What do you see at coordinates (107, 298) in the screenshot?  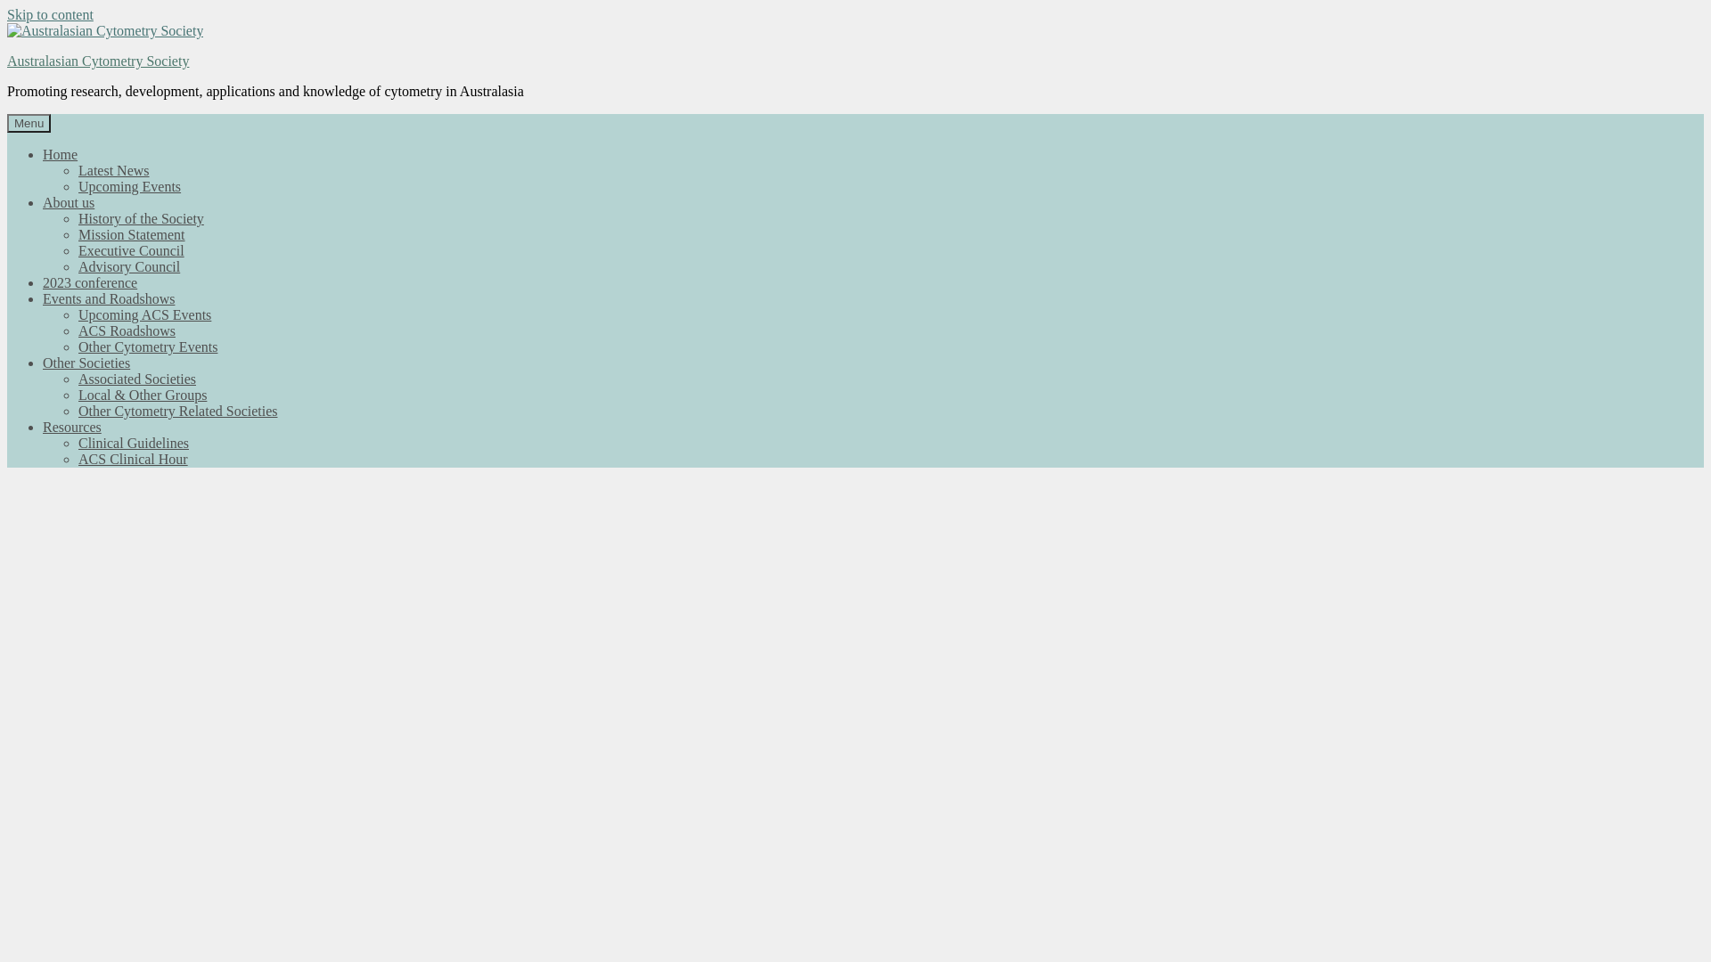 I see `'Events and Roadshows'` at bounding box center [107, 298].